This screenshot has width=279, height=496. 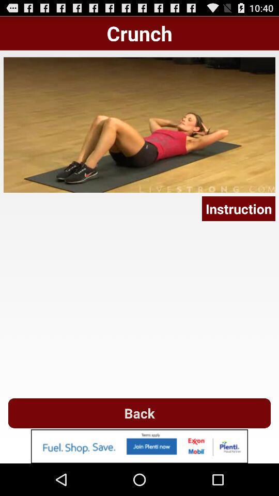 What do you see at coordinates (139, 446) in the screenshot?
I see `advertisement image` at bounding box center [139, 446].